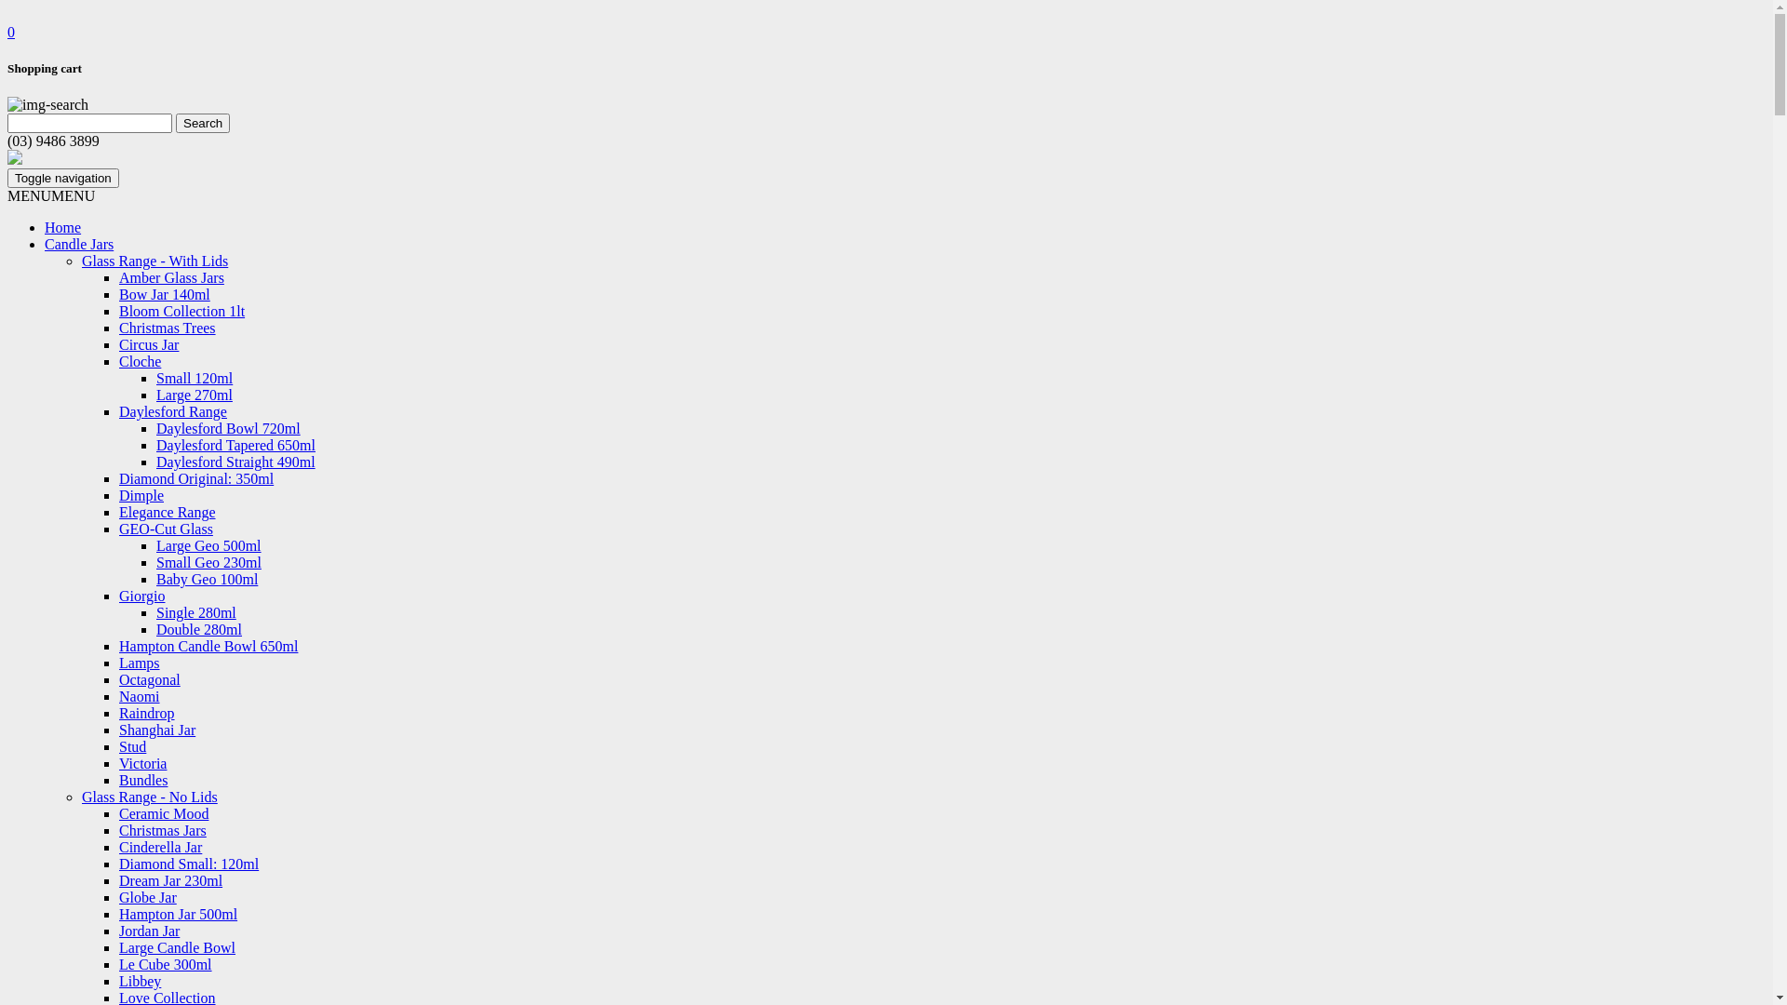 This screenshot has height=1005, width=1787. Describe the element at coordinates (208, 561) in the screenshot. I see `'Small Geo 230ml'` at that location.